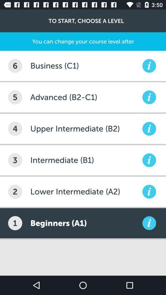  What do you see at coordinates (149, 66) in the screenshot?
I see `click for more information` at bounding box center [149, 66].